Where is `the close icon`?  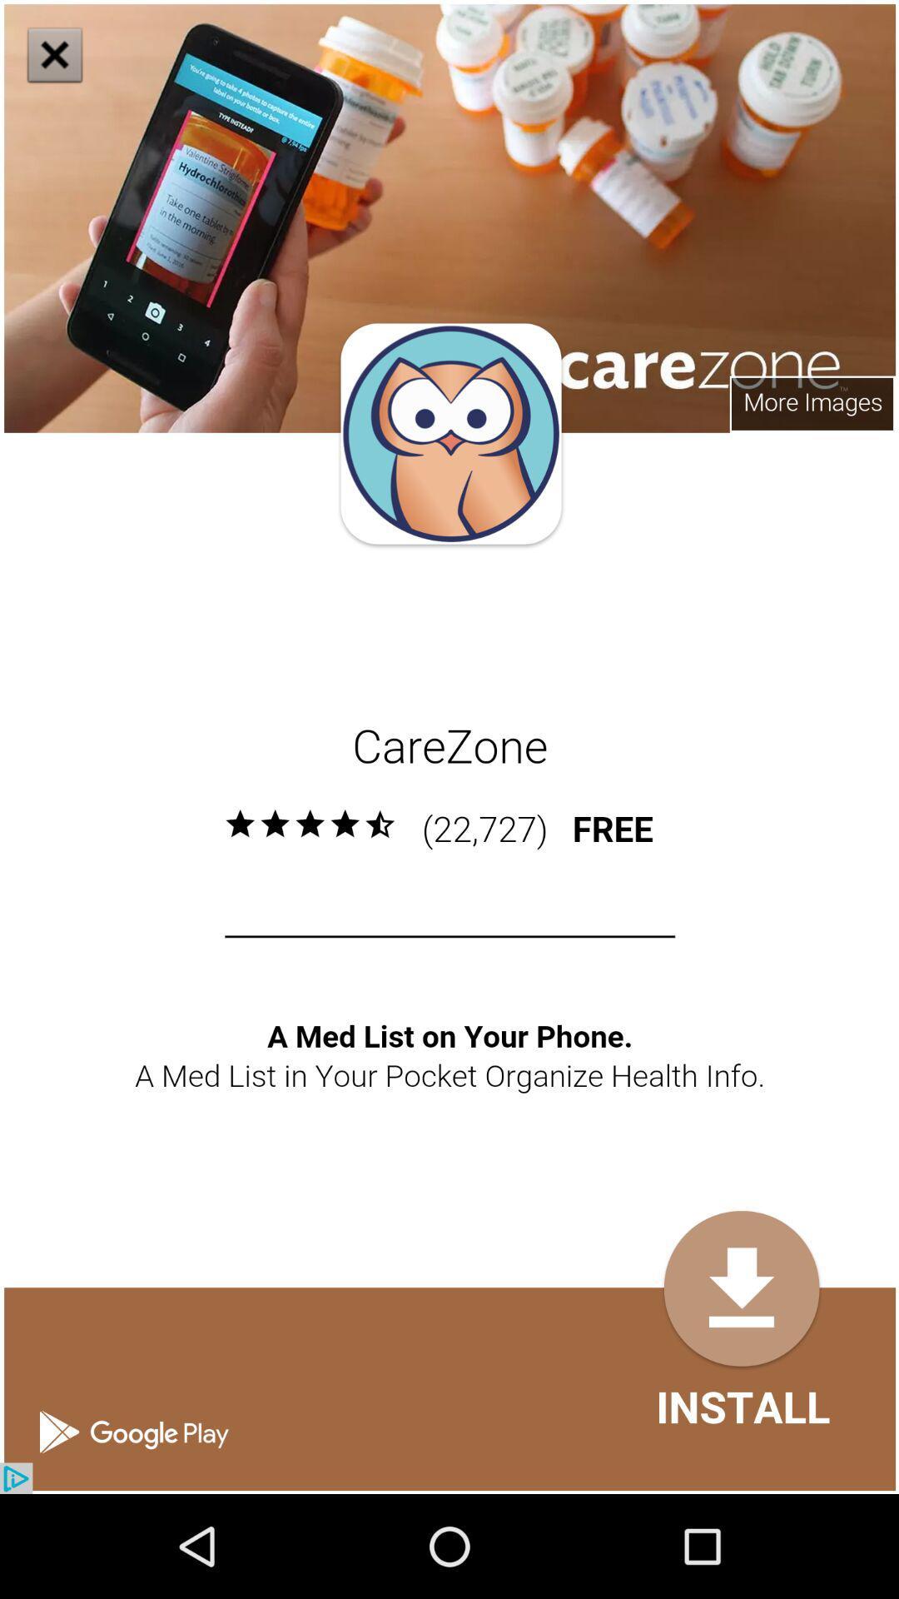
the close icon is located at coordinates (53, 58).